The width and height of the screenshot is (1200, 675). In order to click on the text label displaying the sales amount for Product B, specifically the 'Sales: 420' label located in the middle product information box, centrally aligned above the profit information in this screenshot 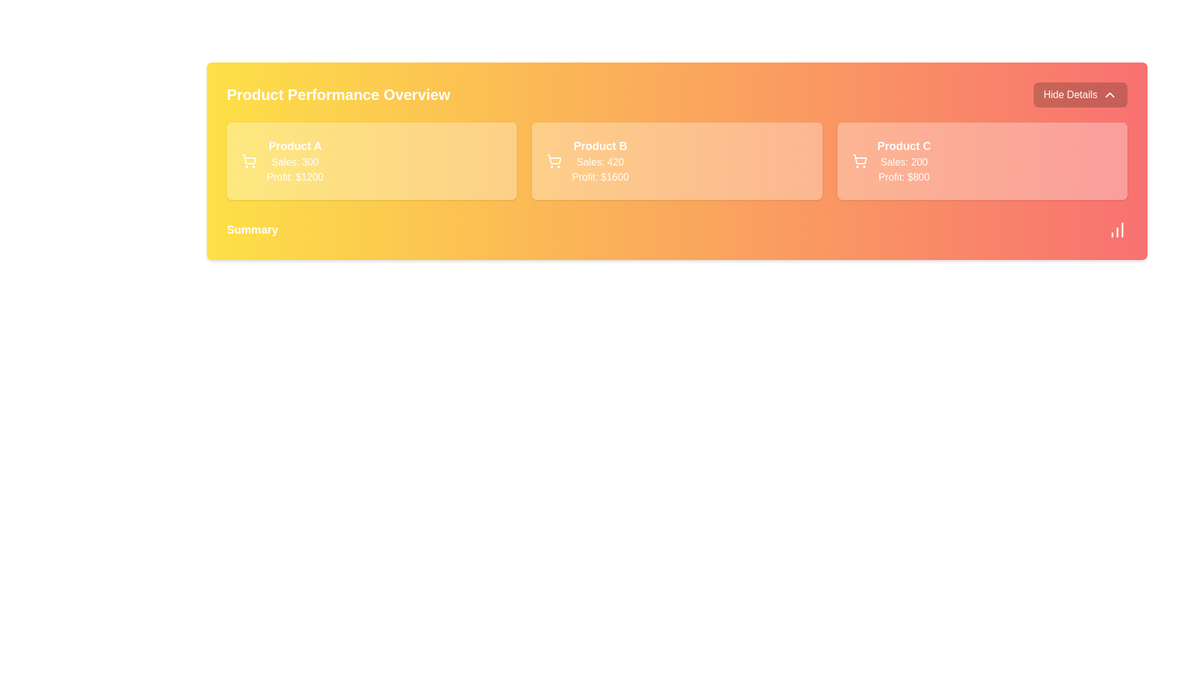, I will do `click(600, 161)`.